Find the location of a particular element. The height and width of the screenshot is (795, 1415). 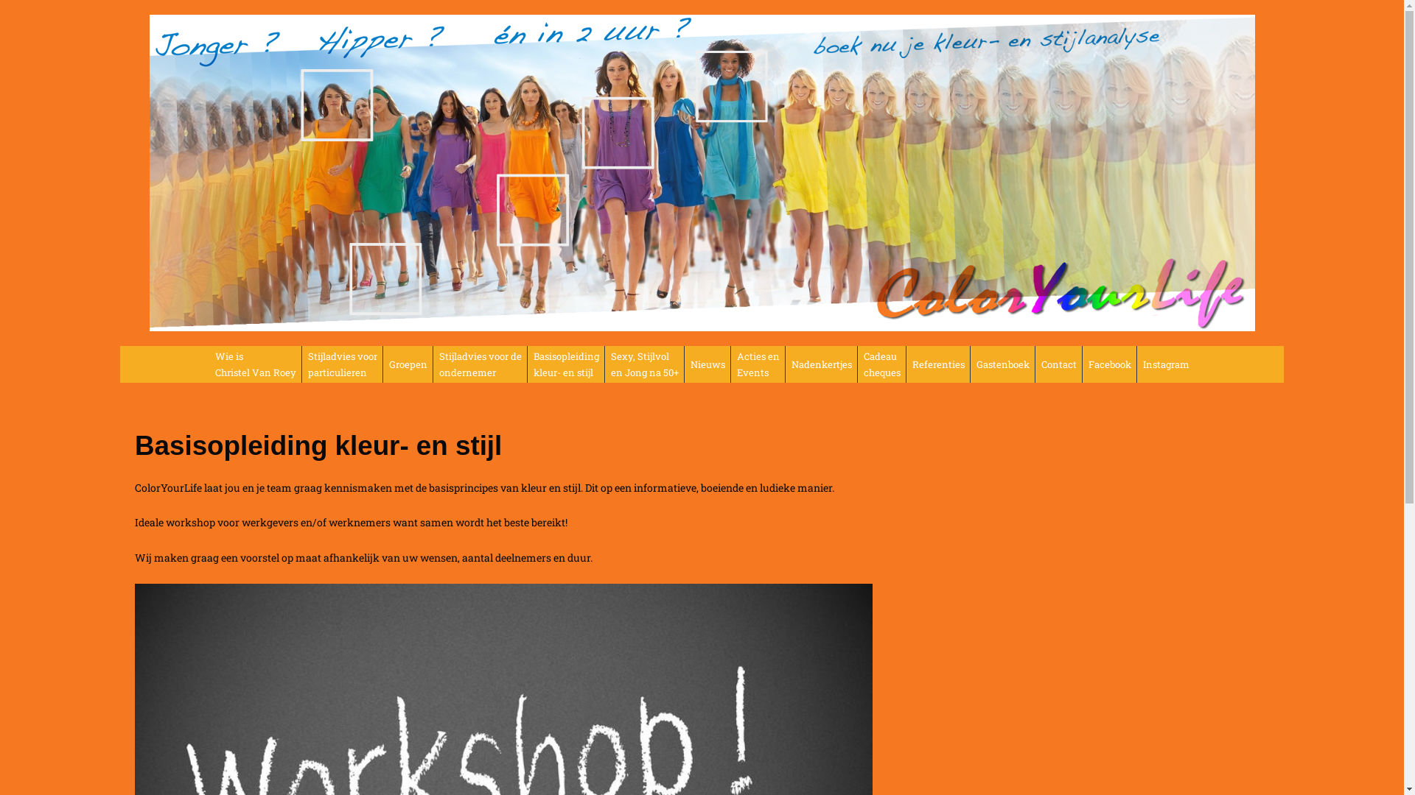

'Stijladvies voor de is located at coordinates (480, 364).